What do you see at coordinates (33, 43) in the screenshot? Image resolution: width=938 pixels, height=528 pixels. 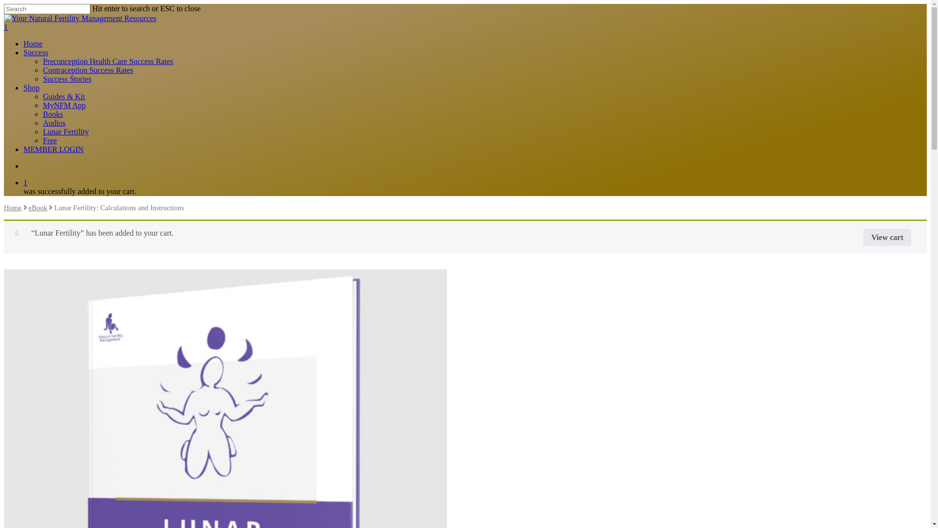 I see `'Home'` at bounding box center [33, 43].